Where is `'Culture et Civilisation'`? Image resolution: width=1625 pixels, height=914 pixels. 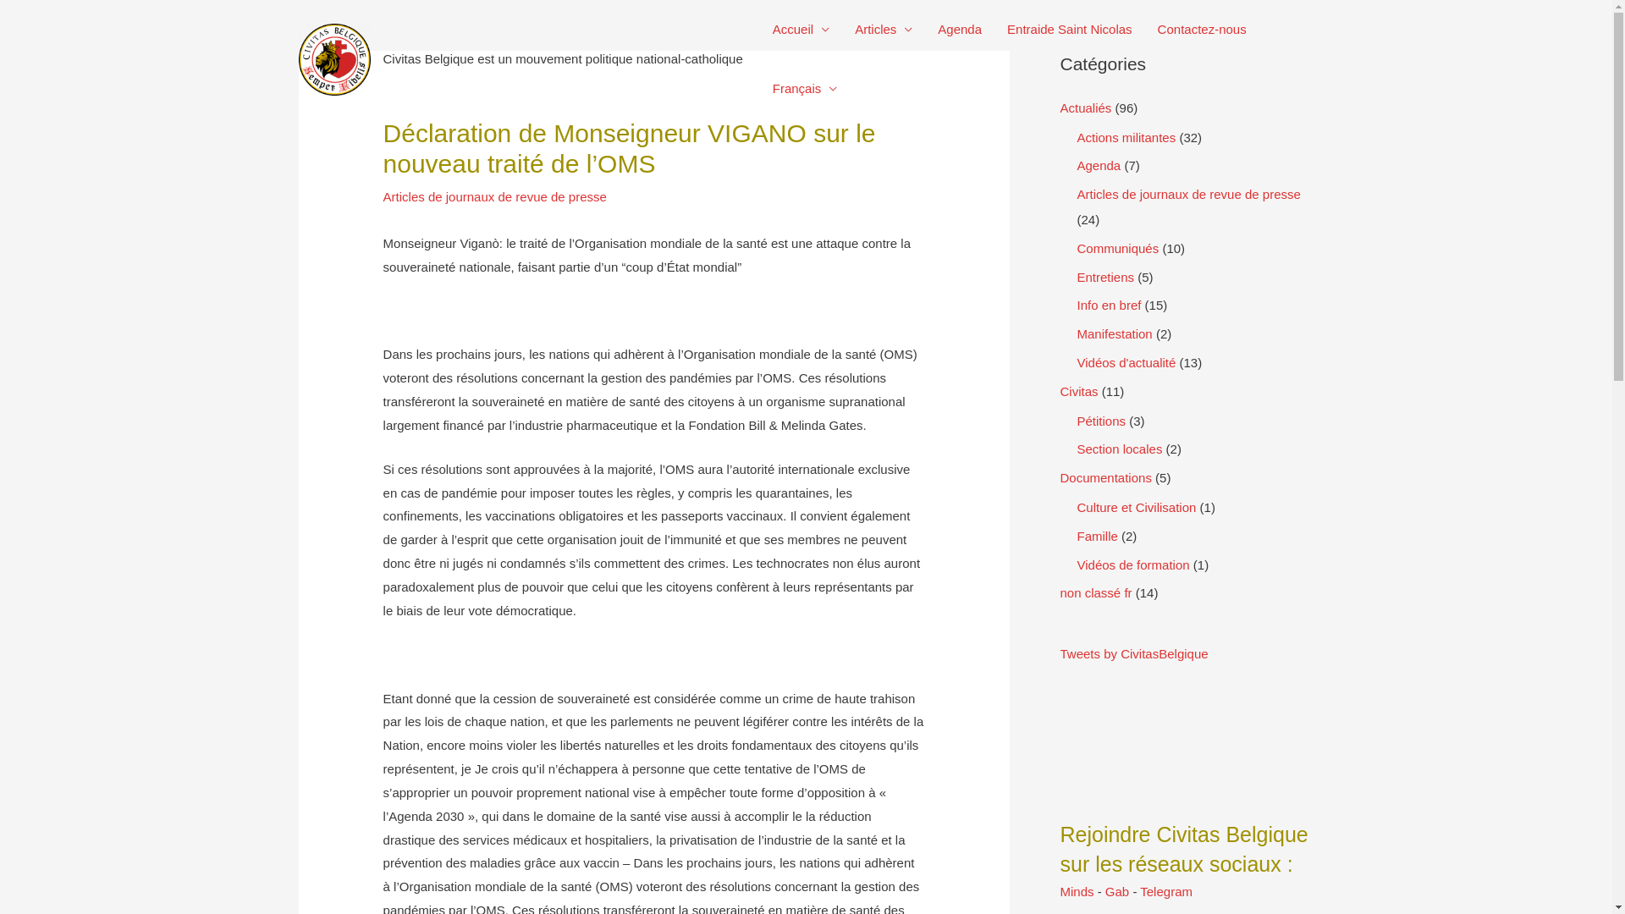 'Culture et Civilisation' is located at coordinates (1136, 506).